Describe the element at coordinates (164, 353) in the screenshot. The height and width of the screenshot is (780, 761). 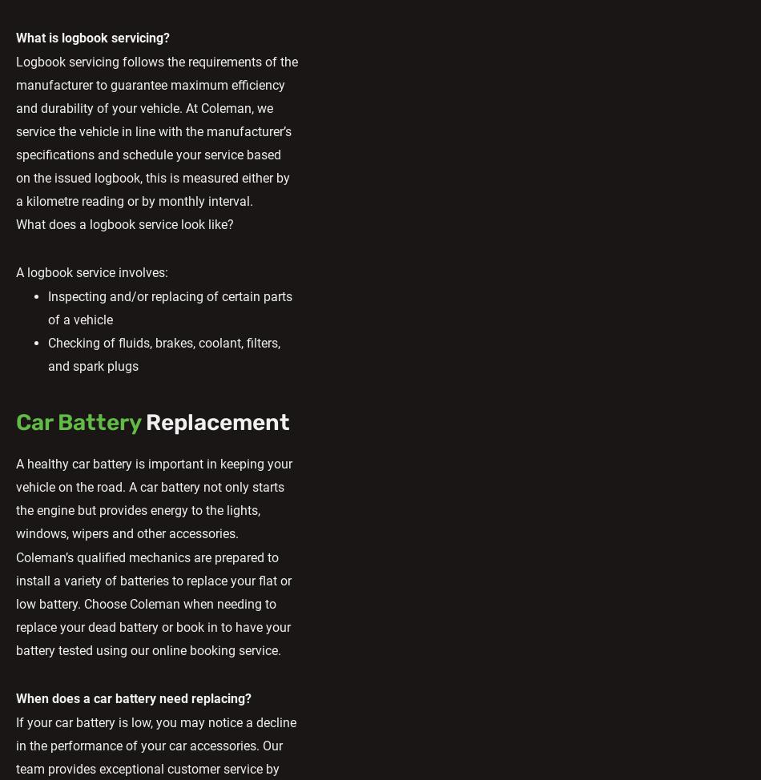
I see `'Checking of fluids, brakes, coolant, filters, and spark plugs'` at that location.